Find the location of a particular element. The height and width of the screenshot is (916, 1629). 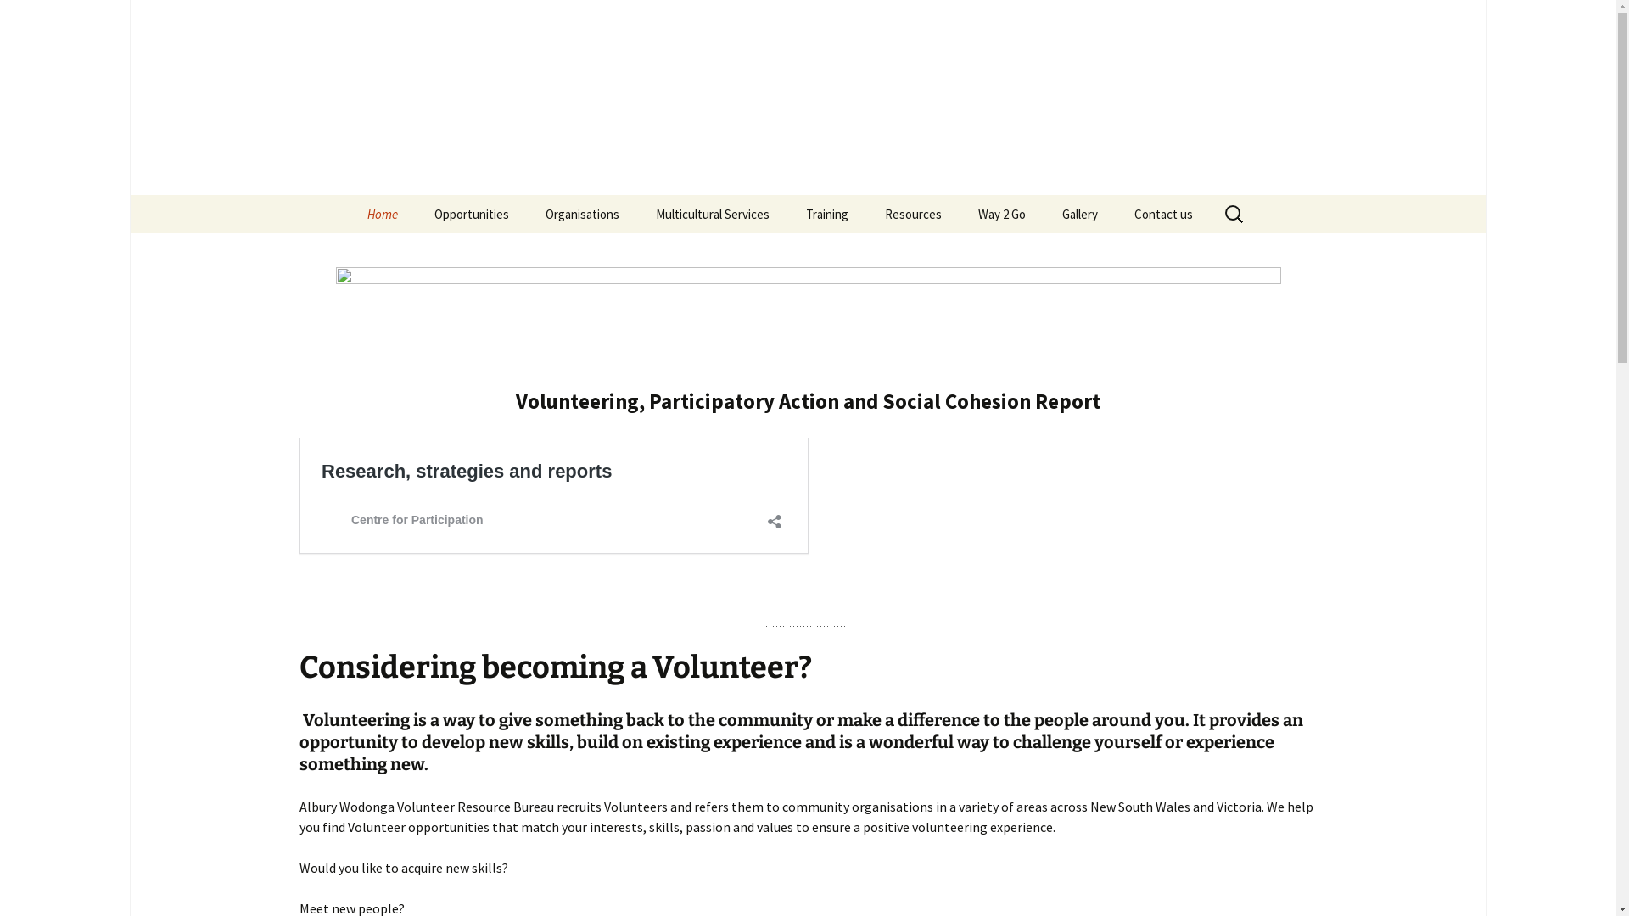

'Gallery' is located at coordinates (1044, 213).